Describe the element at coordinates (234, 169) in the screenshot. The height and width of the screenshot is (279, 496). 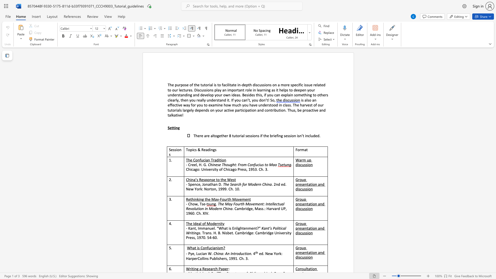
I see `the subset text "o Press, 1" within the text ". Chicago: University of Chicago Press, 1953. Ch. 3."` at that location.